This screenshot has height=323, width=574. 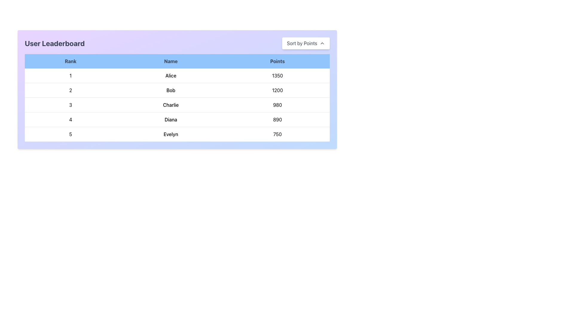 I want to click on the upward-facing chevron icon located at the top-right corner of the 'Sort by Points' button, so click(x=322, y=43).